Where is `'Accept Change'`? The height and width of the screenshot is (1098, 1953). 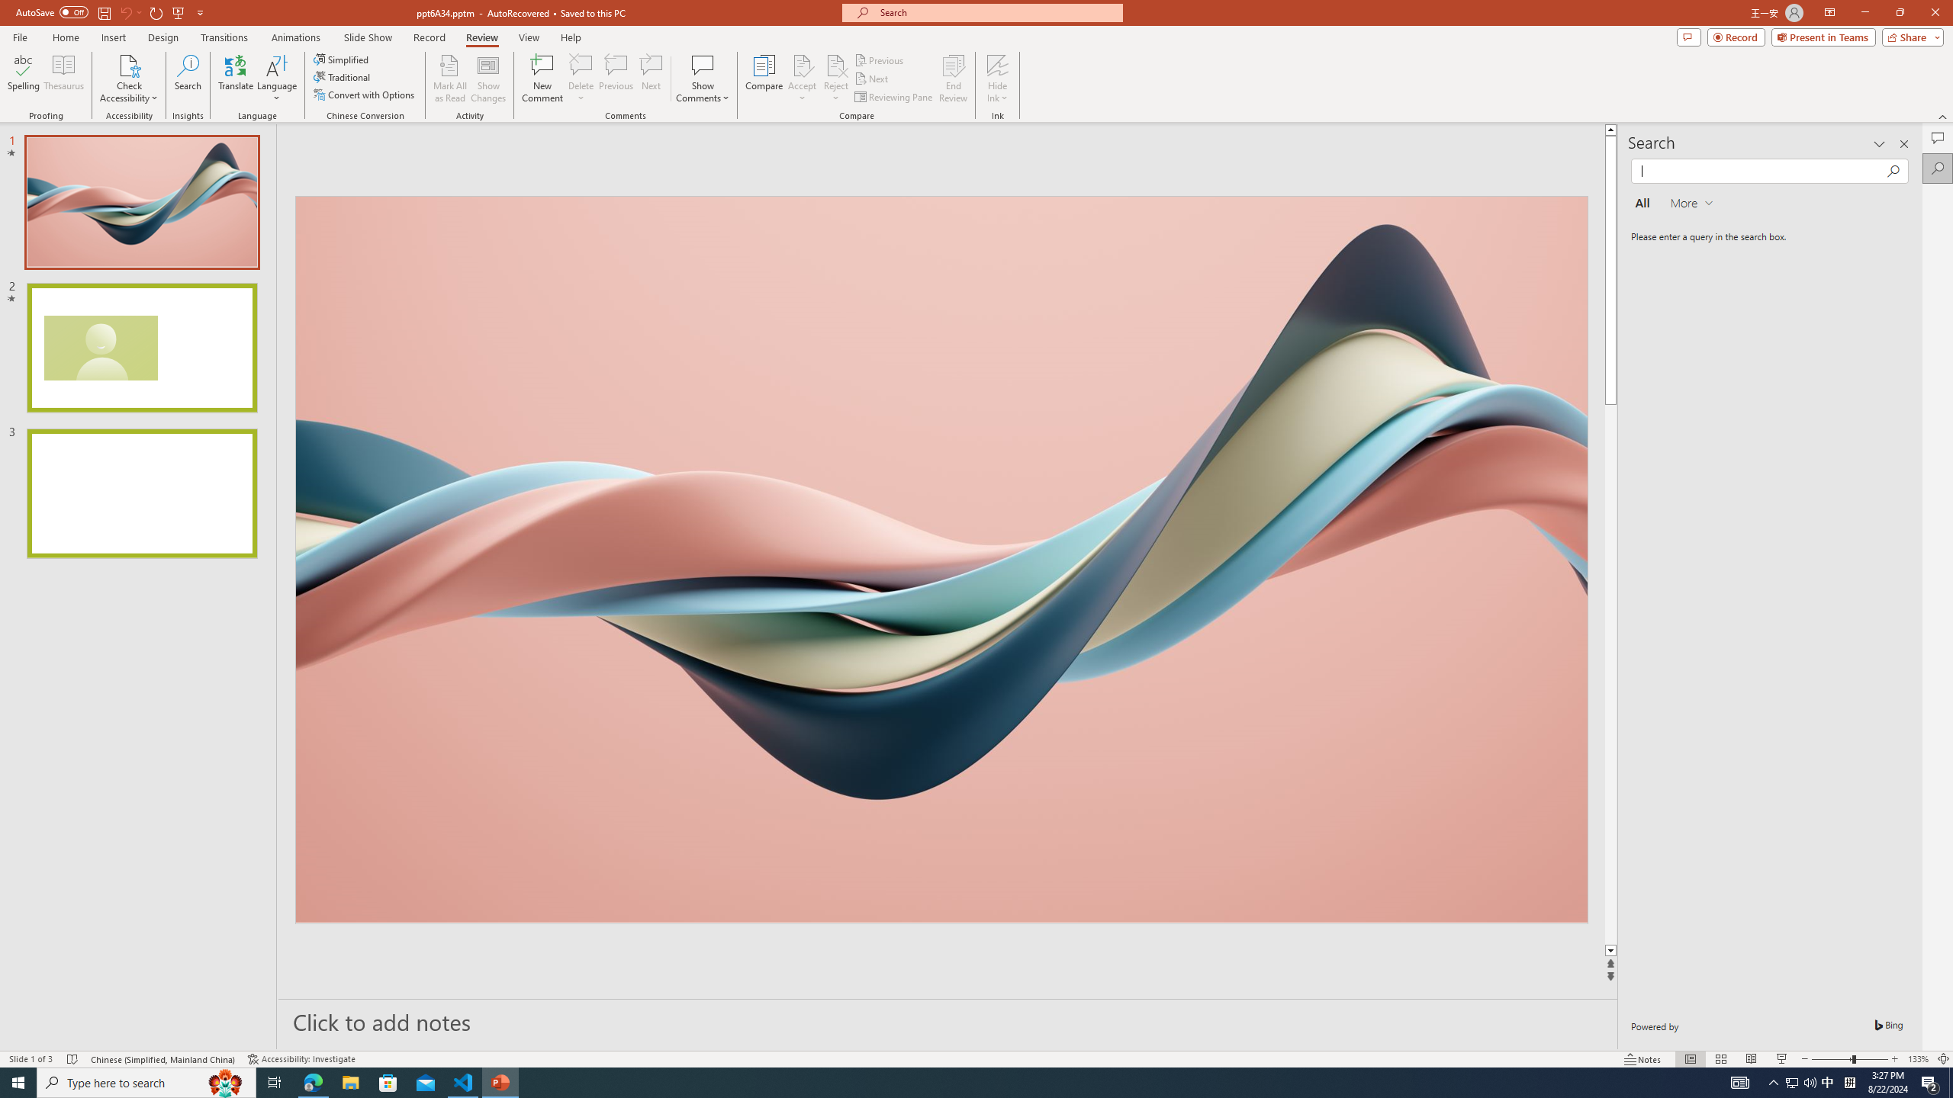 'Accept Change' is located at coordinates (802, 64).